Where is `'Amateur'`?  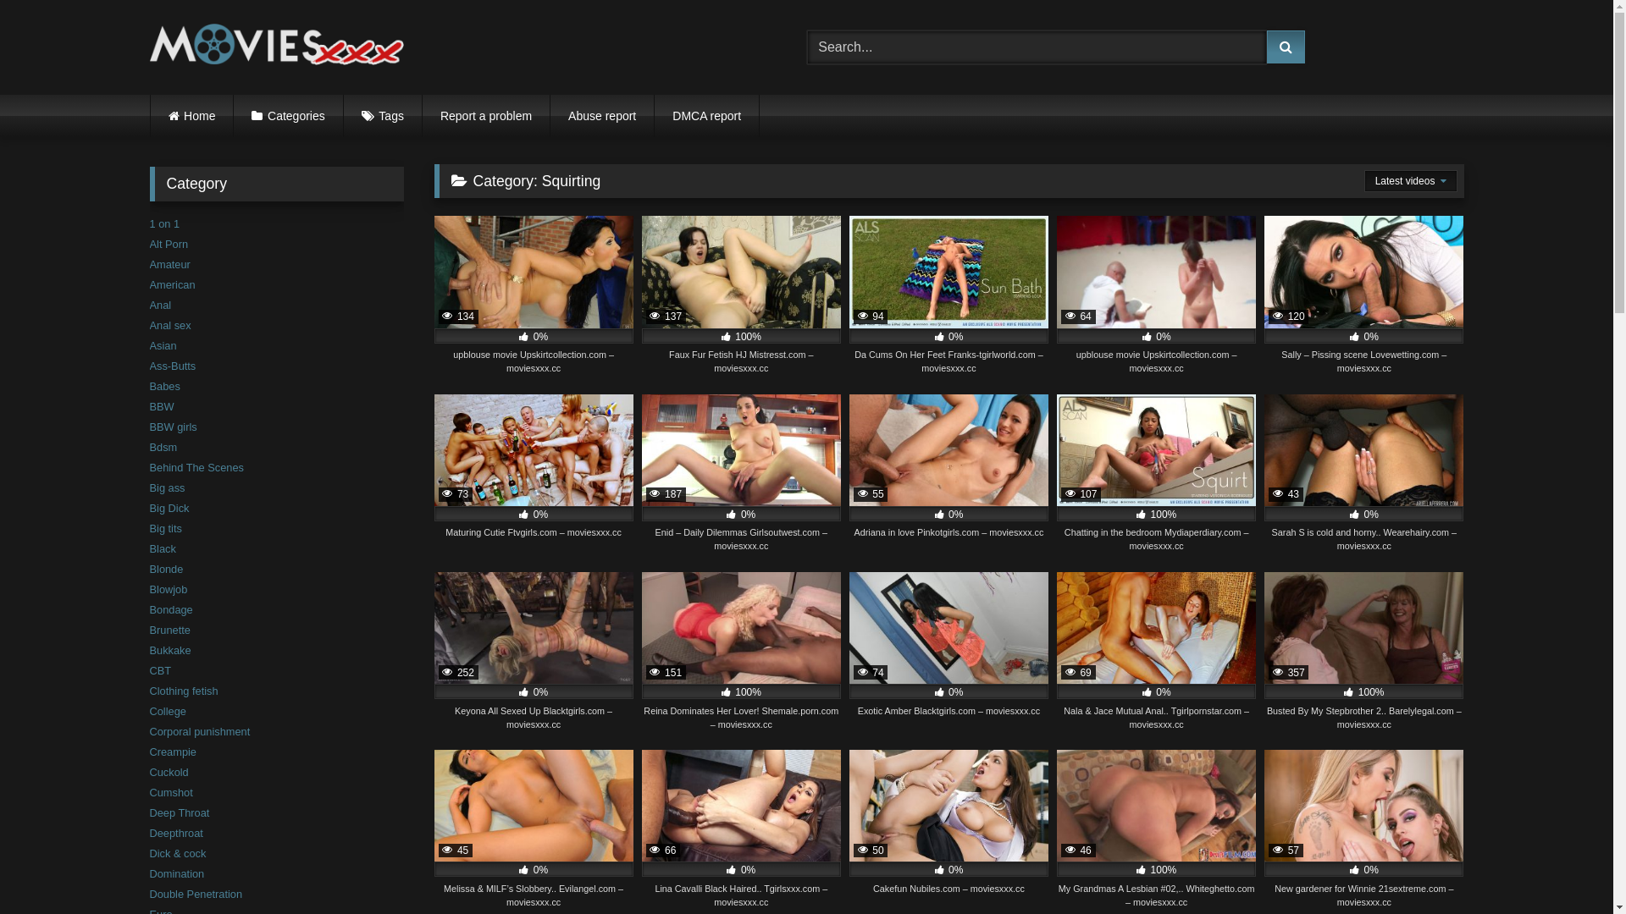
'Amateur' is located at coordinates (169, 264).